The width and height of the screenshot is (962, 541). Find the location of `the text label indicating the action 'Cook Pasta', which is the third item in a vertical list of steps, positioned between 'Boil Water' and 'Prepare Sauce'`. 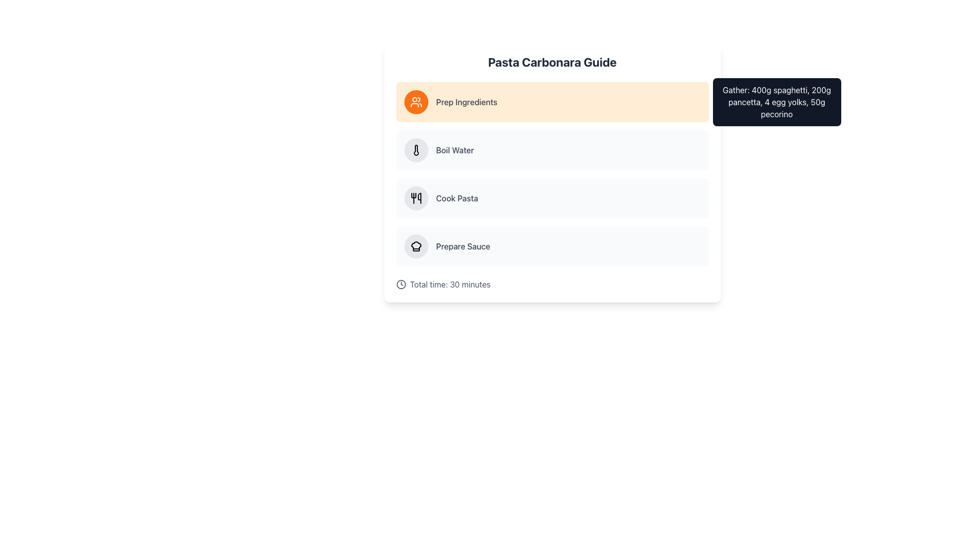

the text label indicating the action 'Cook Pasta', which is the third item in a vertical list of steps, positioned between 'Boil Water' and 'Prepare Sauce' is located at coordinates (456, 198).